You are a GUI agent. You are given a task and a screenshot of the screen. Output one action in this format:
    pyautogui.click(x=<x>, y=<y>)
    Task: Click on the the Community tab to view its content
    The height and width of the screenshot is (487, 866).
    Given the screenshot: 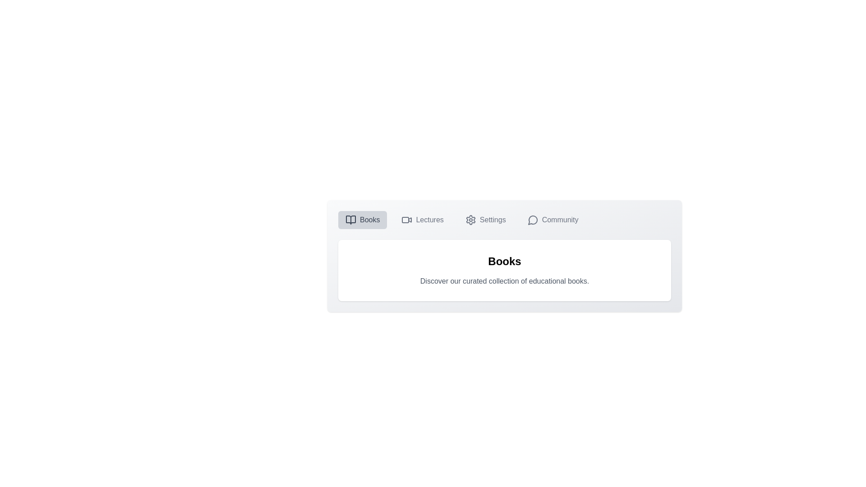 What is the action you would take?
    pyautogui.click(x=552, y=220)
    